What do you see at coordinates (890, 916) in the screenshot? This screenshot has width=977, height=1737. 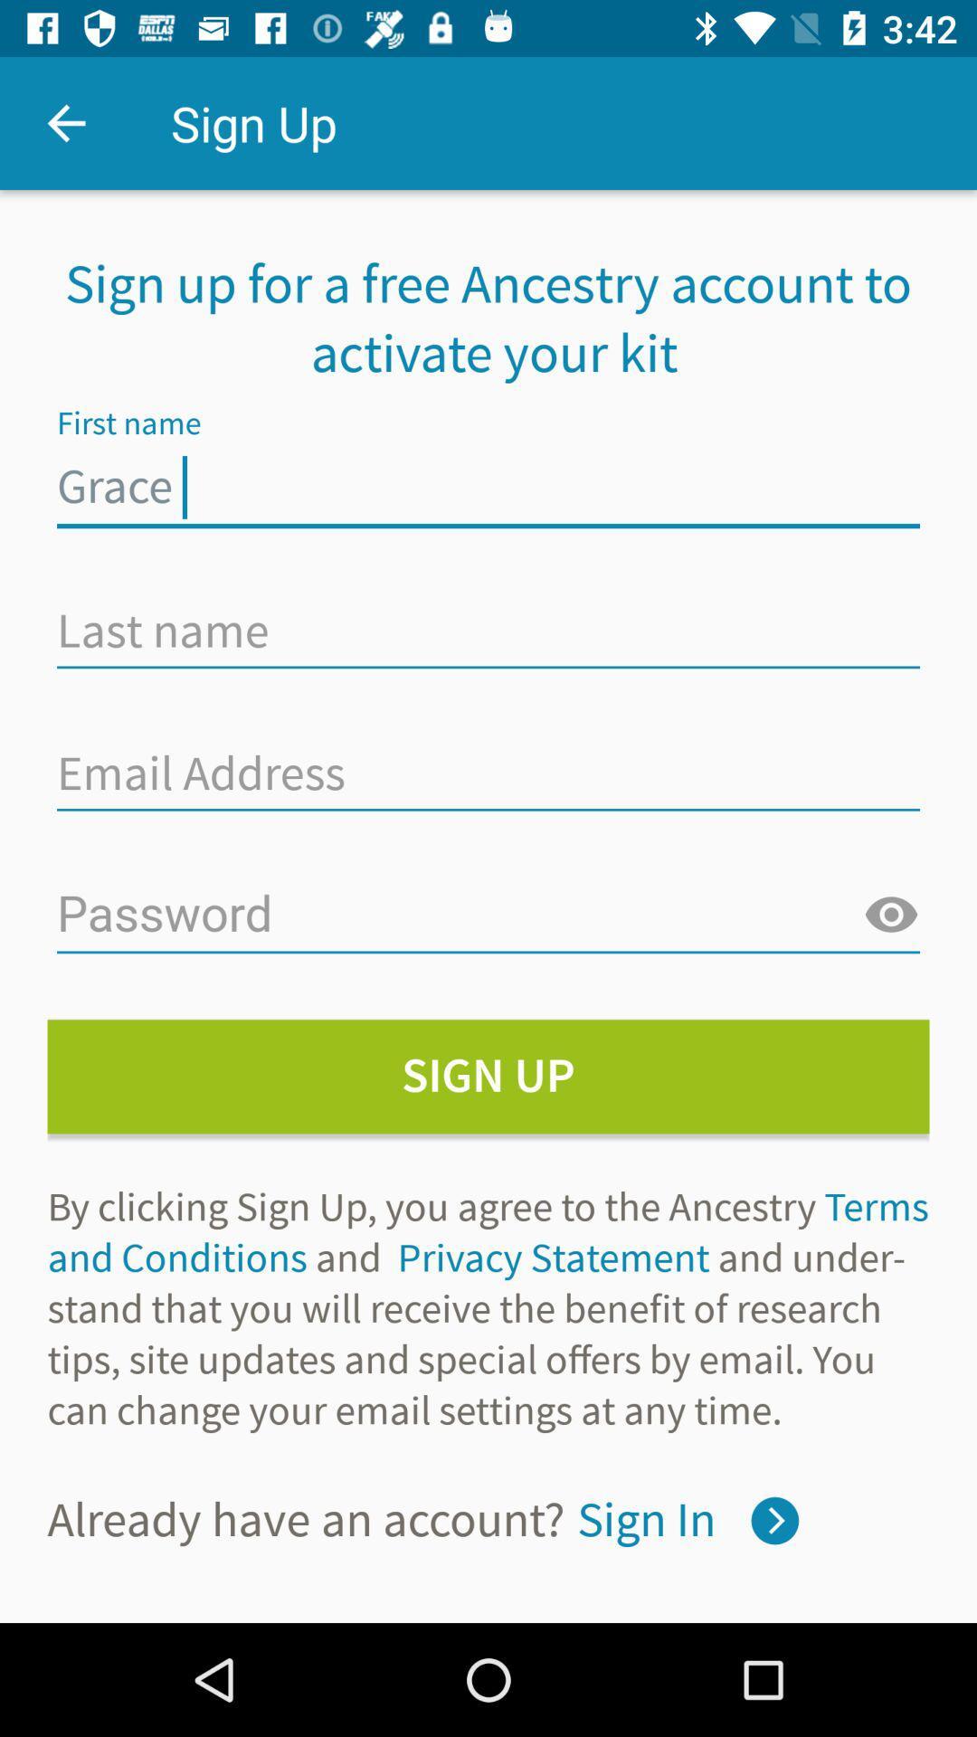 I see `the visibility icon` at bounding box center [890, 916].